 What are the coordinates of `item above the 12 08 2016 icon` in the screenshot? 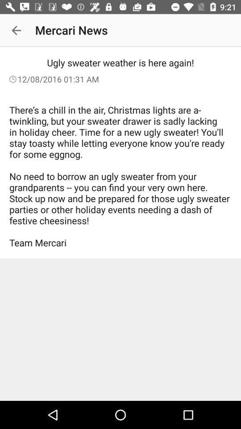 It's located at (16, 30).